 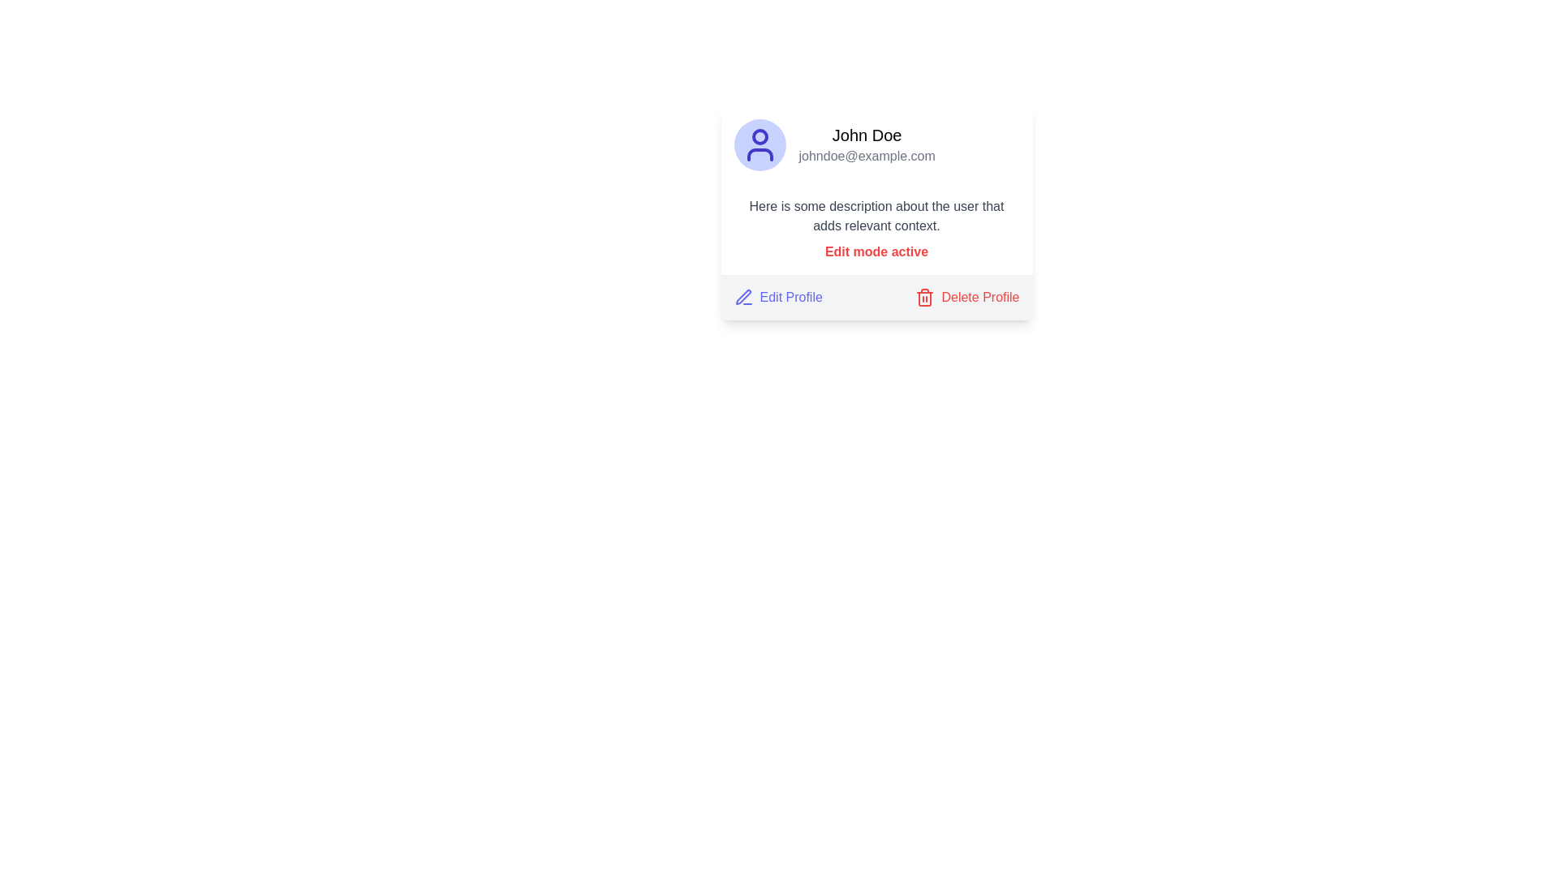 What do you see at coordinates (876, 229) in the screenshot?
I see `the informational text block that indicates 'Edit mode active', which consists of gray descriptive text and bold red text, positioned centrally between the user's details and the action buttons` at bounding box center [876, 229].